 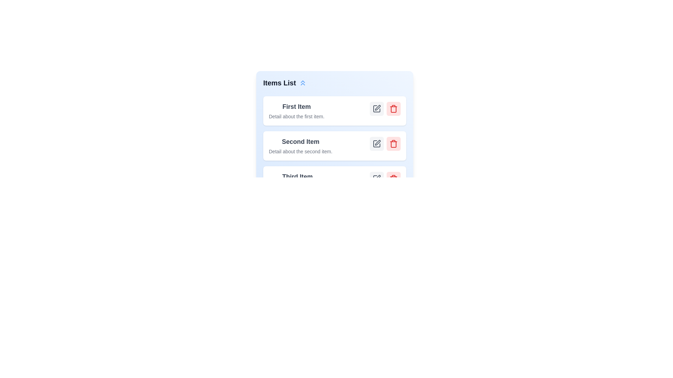 I want to click on delete button for the item with the title Second Item, so click(x=394, y=143).